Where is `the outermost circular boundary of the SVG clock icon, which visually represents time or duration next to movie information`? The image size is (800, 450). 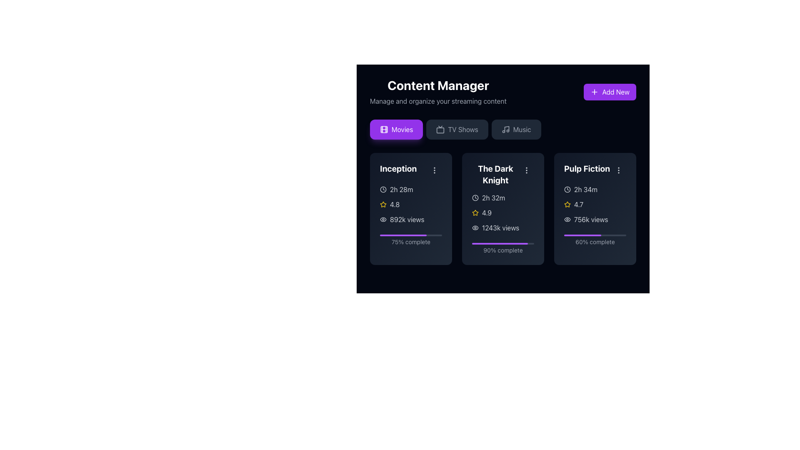 the outermost circular boundary of the SVG clock icon, which visually represents time or duration next to movie information is located at coordinates (567, 190).